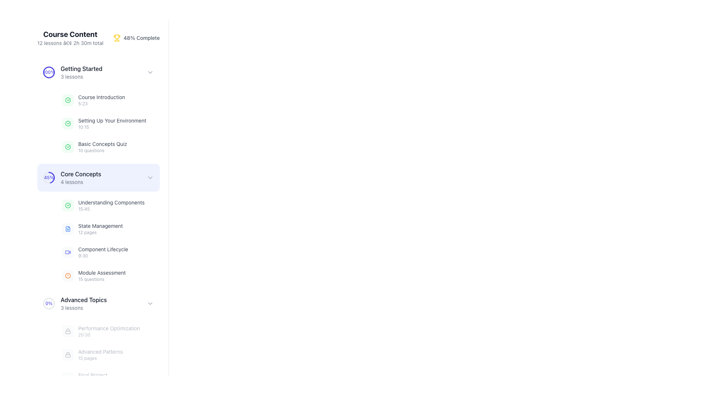  What do you see at coordinates (68, 123) in the screenshot?
I see `the presence and status-indicating color of the completion icon located next to the 'Course Introduction' lesson in the 'Getting Started' section of the left-hand panel` at bounding box center [68, 123].